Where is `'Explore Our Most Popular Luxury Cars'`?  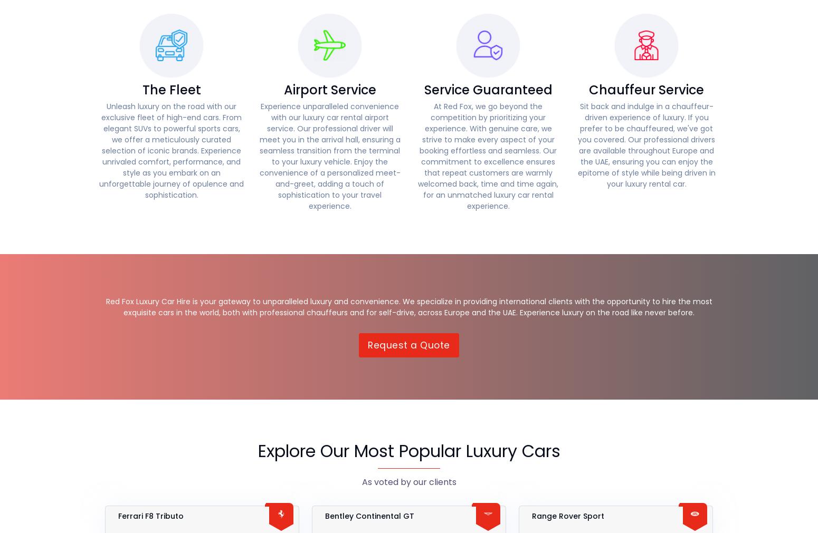
'Explore Our Most Popular Luxury Cars' is located at coordinates (408, 450).